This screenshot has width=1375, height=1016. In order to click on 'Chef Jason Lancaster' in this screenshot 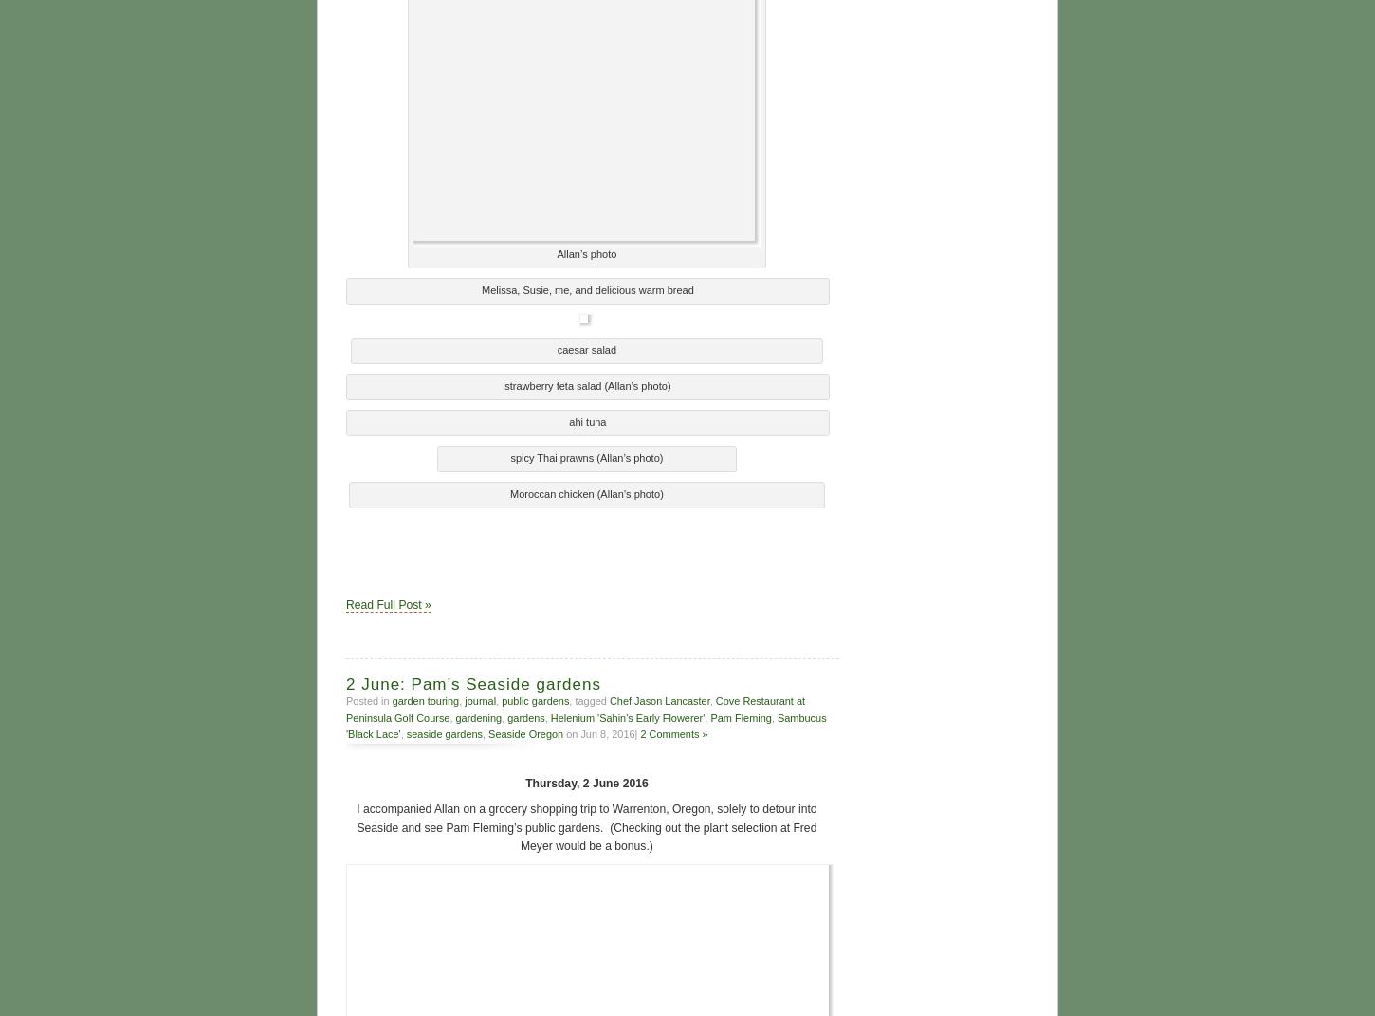, I will do `click(657, 698)`.